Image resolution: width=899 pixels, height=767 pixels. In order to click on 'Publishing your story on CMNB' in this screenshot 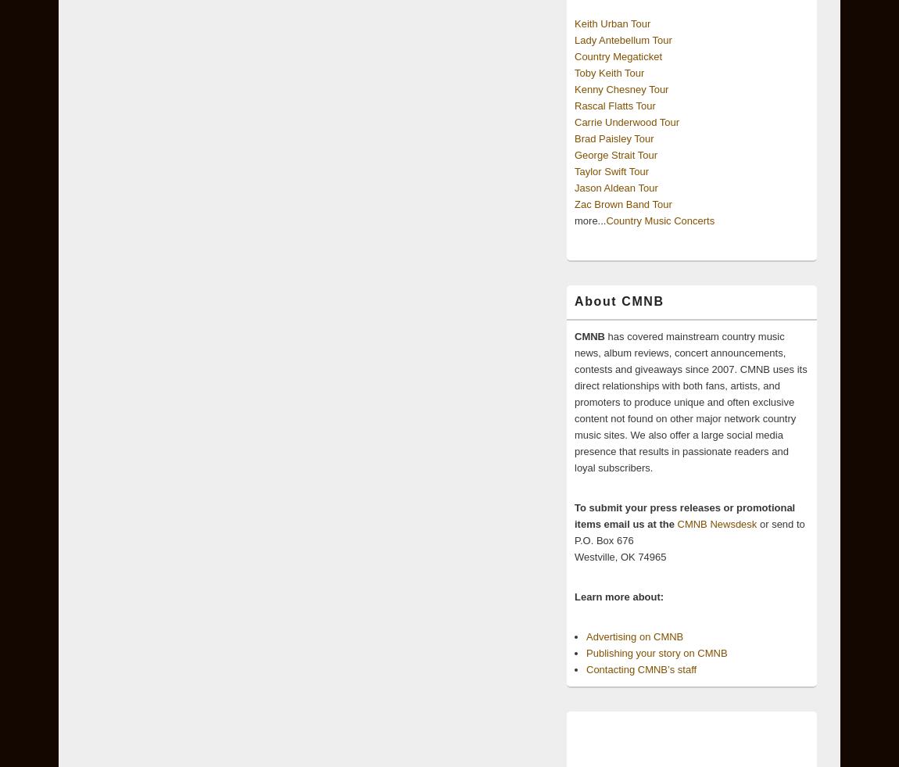, I will do `click(655, 653)`.